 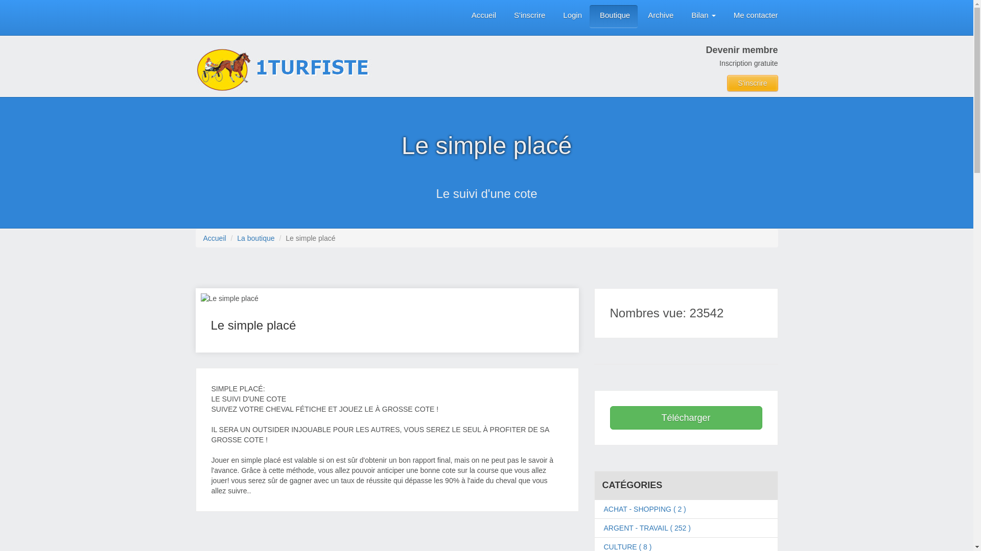 What do you see at coordinates (723, 16) in the screenshot?
I see `'Me contacter'` at bounding box center [723, 16].